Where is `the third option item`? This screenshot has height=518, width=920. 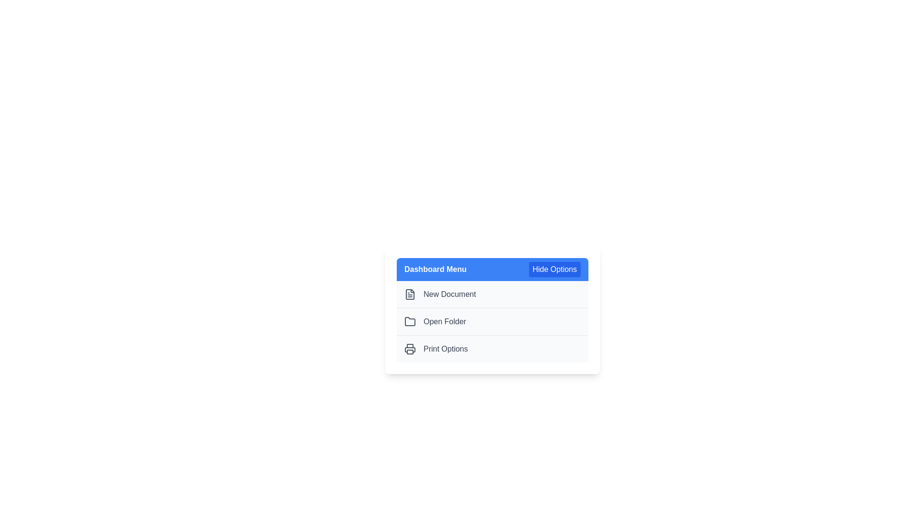 the third option item is located at coordinates (492, 349).